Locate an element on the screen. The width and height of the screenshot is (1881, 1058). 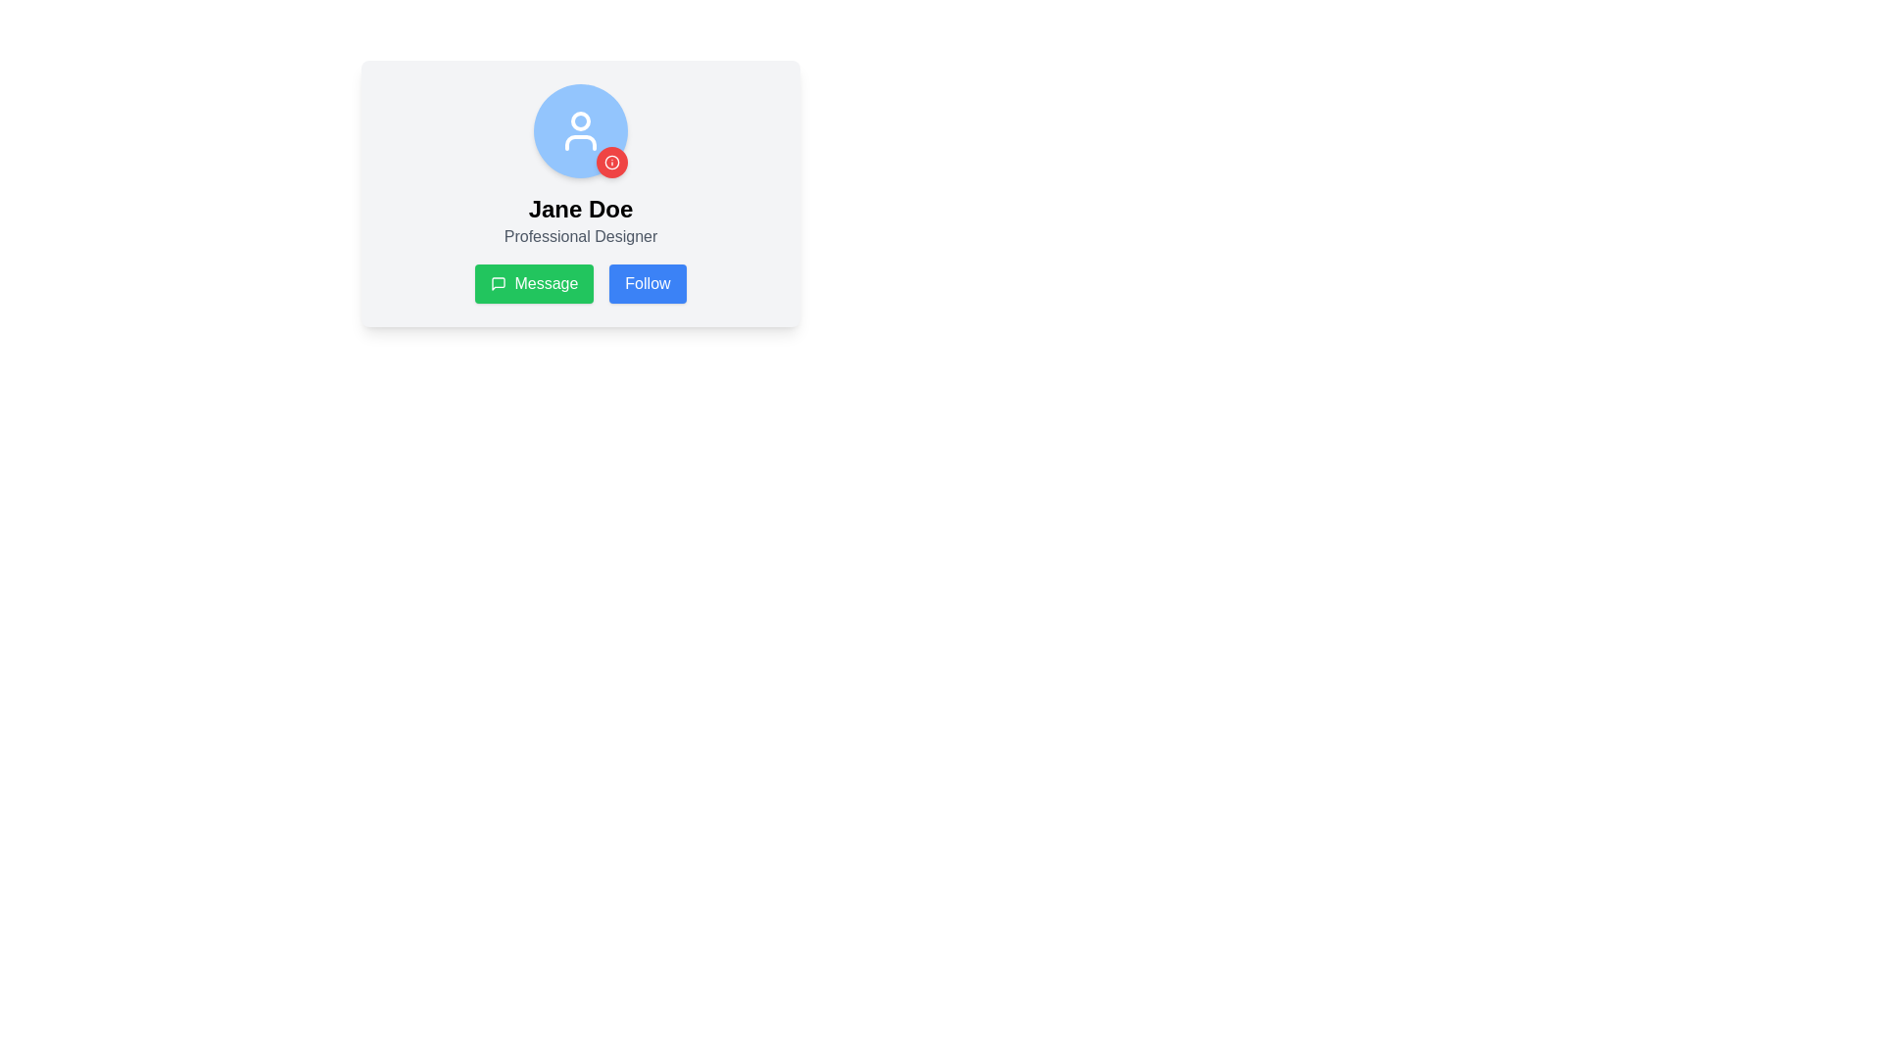
the profile information icon located at the bottom-right corner of the profile image area is located at coordinates (610, 161).